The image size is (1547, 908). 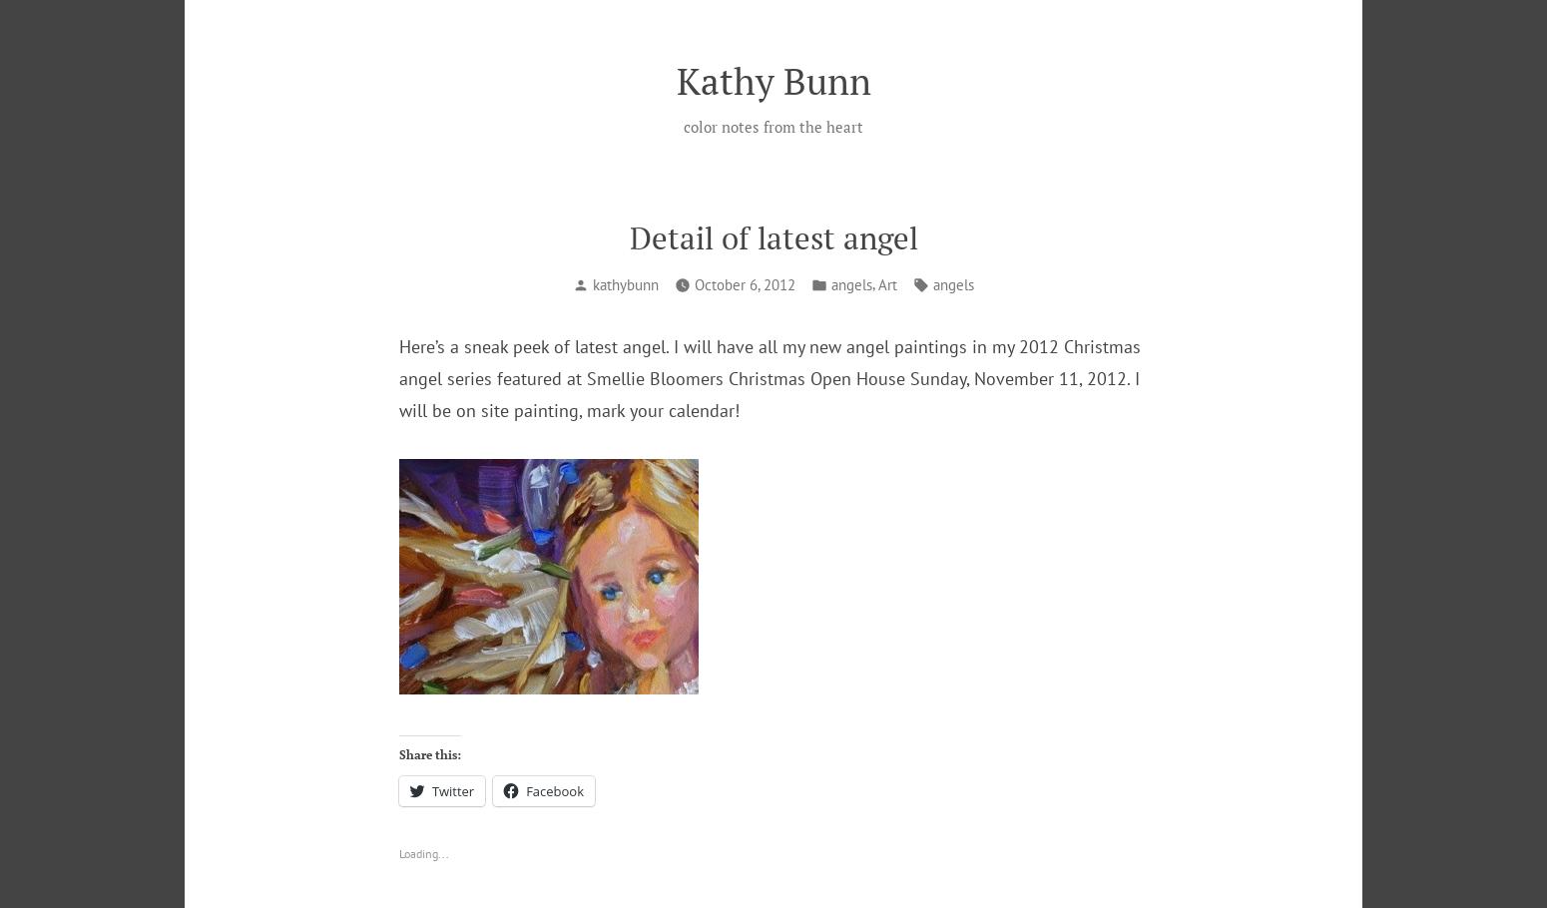 I want to click on 'Kathy Bunn', so click(x=773, y=79).